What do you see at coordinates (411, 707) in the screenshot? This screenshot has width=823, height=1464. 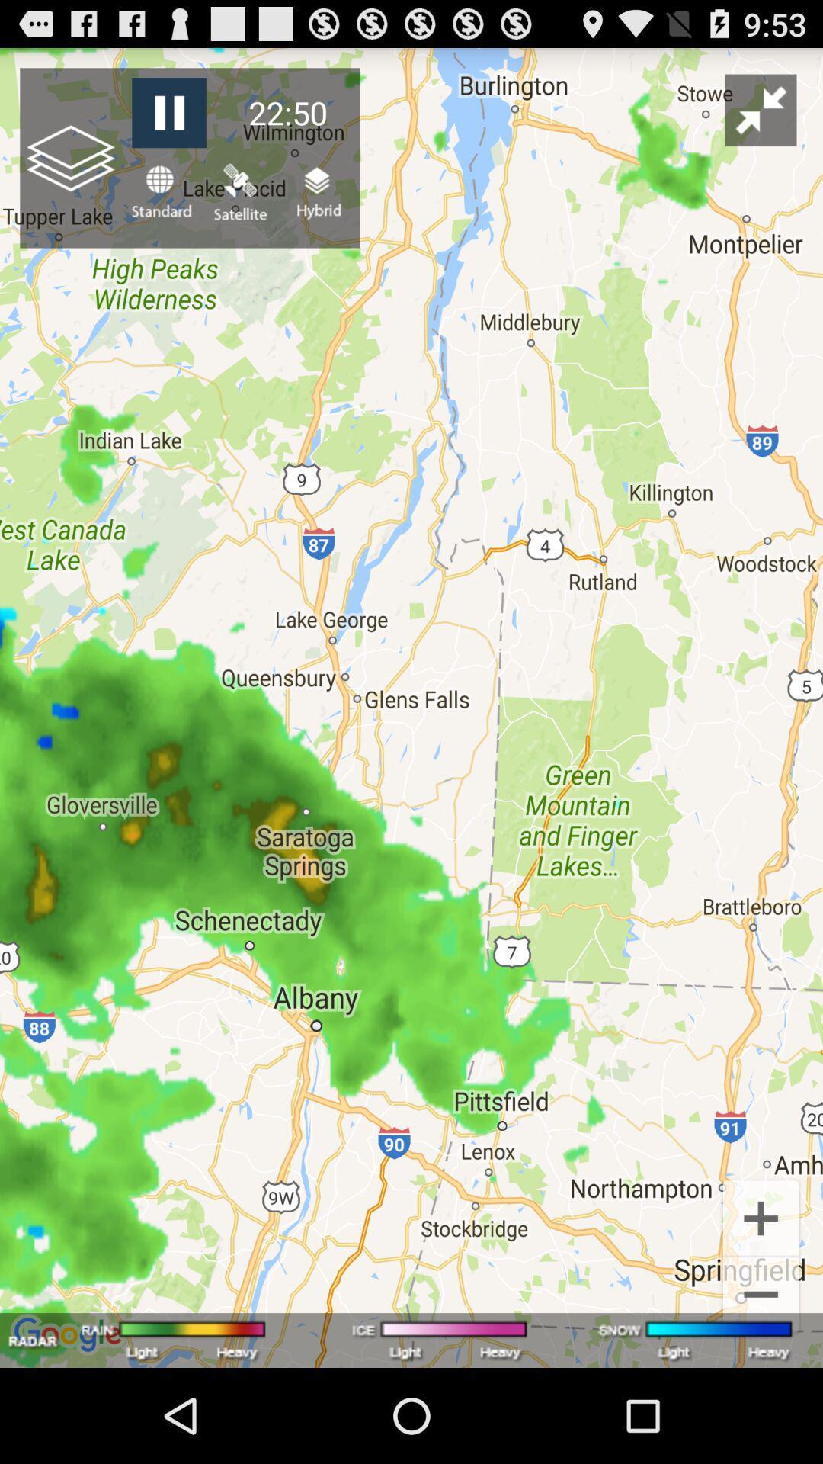 I see `the item at the center` at bounding box center [411, 707].